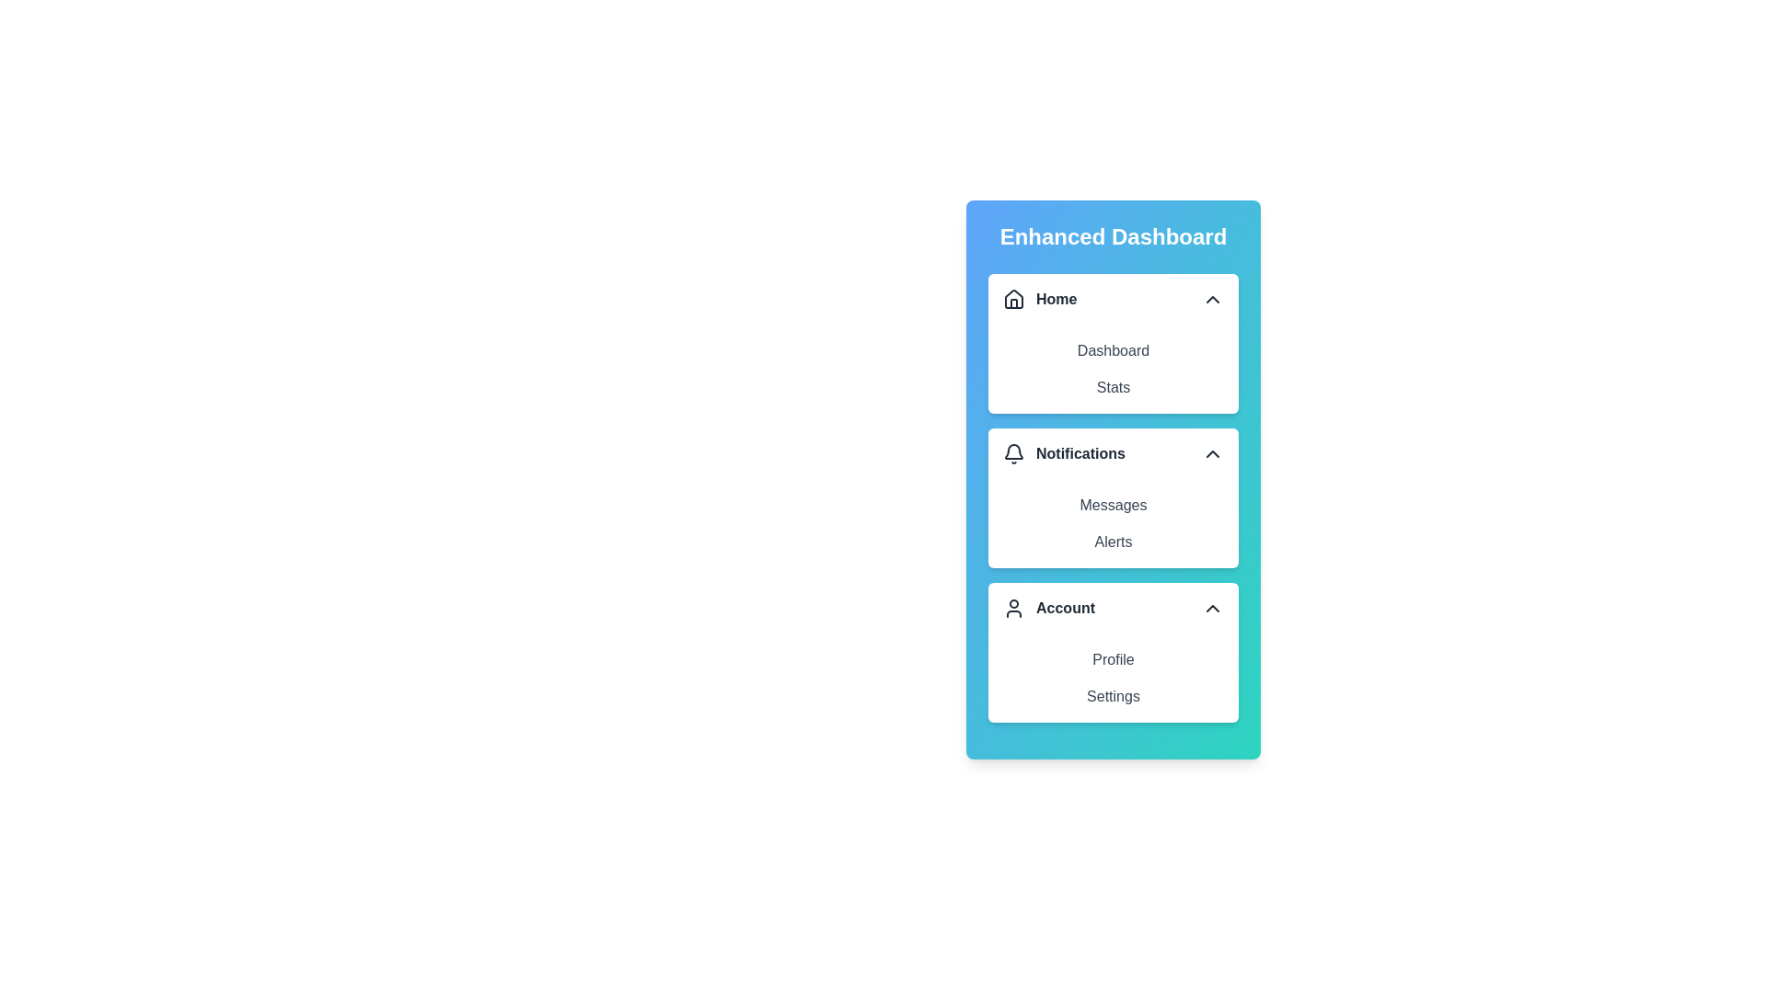 The width and height of the screenshot is (1767, 993). Describe the element at coordinates (1112, 386) in the screenshot. I see `the menu item Stats from the expanded section` at that location.